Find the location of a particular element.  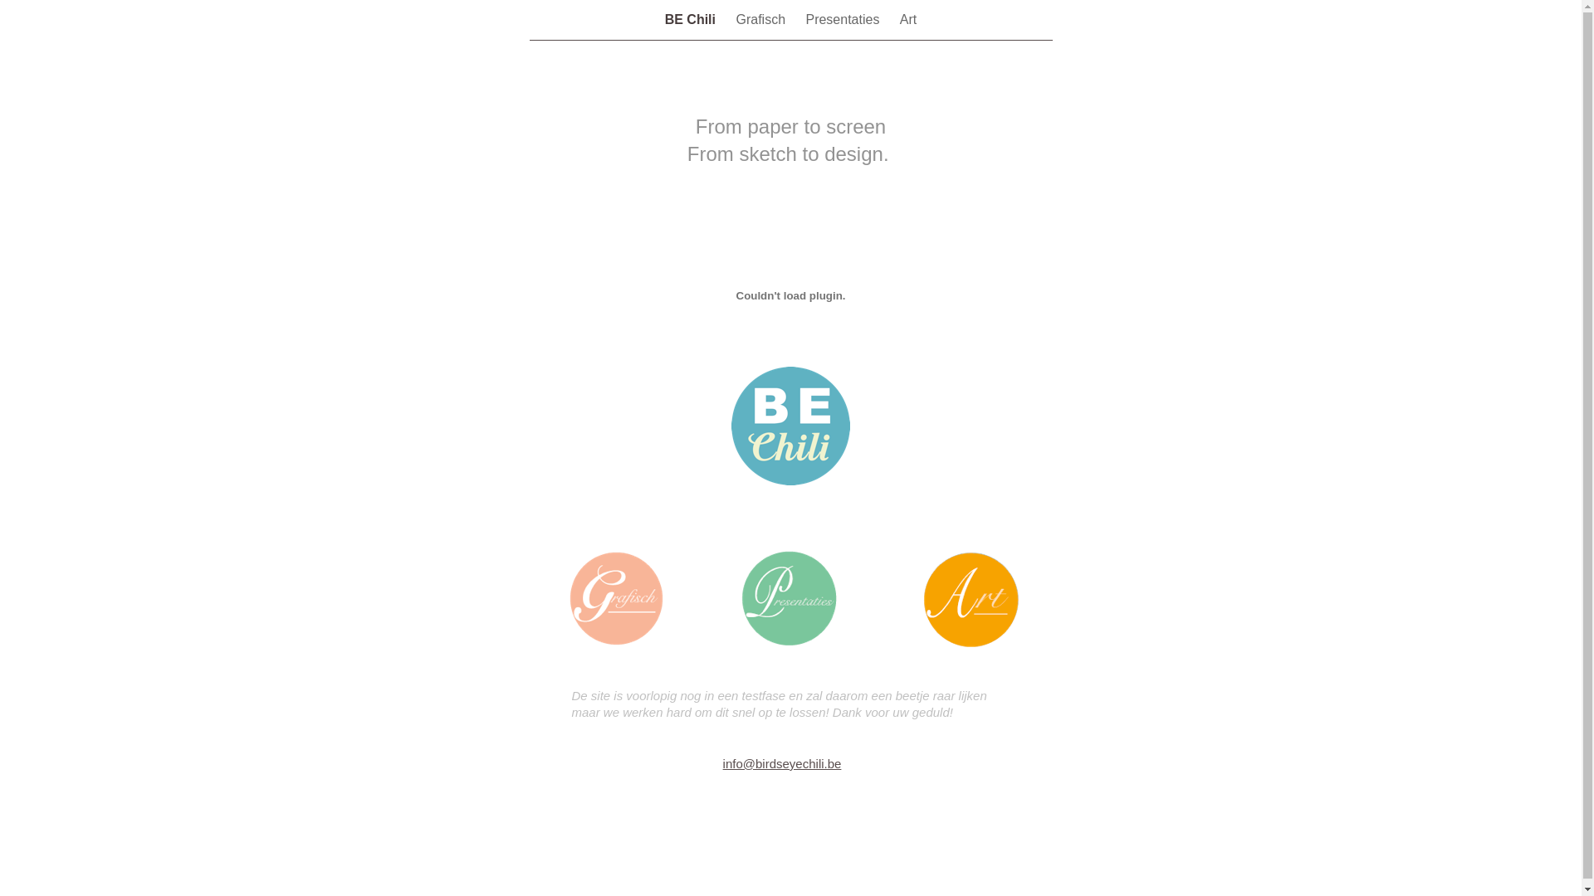

'Grafisch' is located at coordinates (760, 19).